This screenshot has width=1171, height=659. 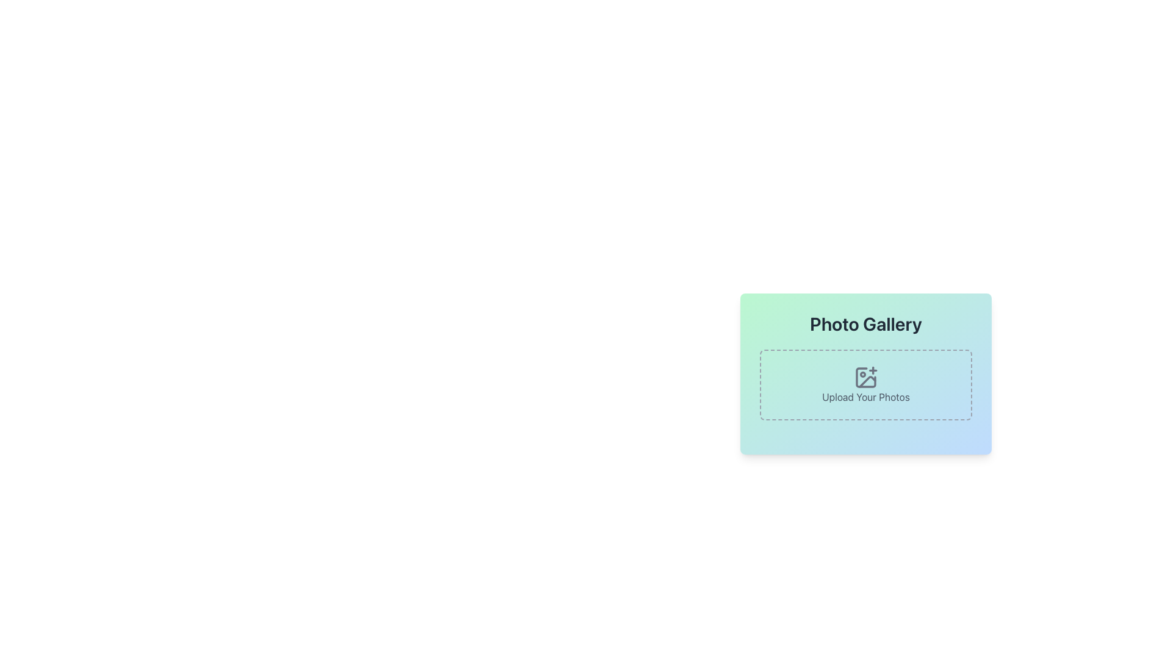 I want to click on the SVG plus sign icon that is centrally positioned above the text 'Upload Your Photos' within a dashed-bordered rectangular card, so click(x=865, y=376).